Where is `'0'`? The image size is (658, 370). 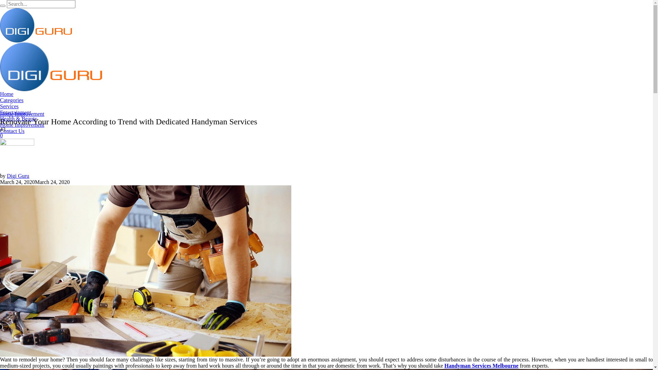 '0' is located at coordinates (1, 135).